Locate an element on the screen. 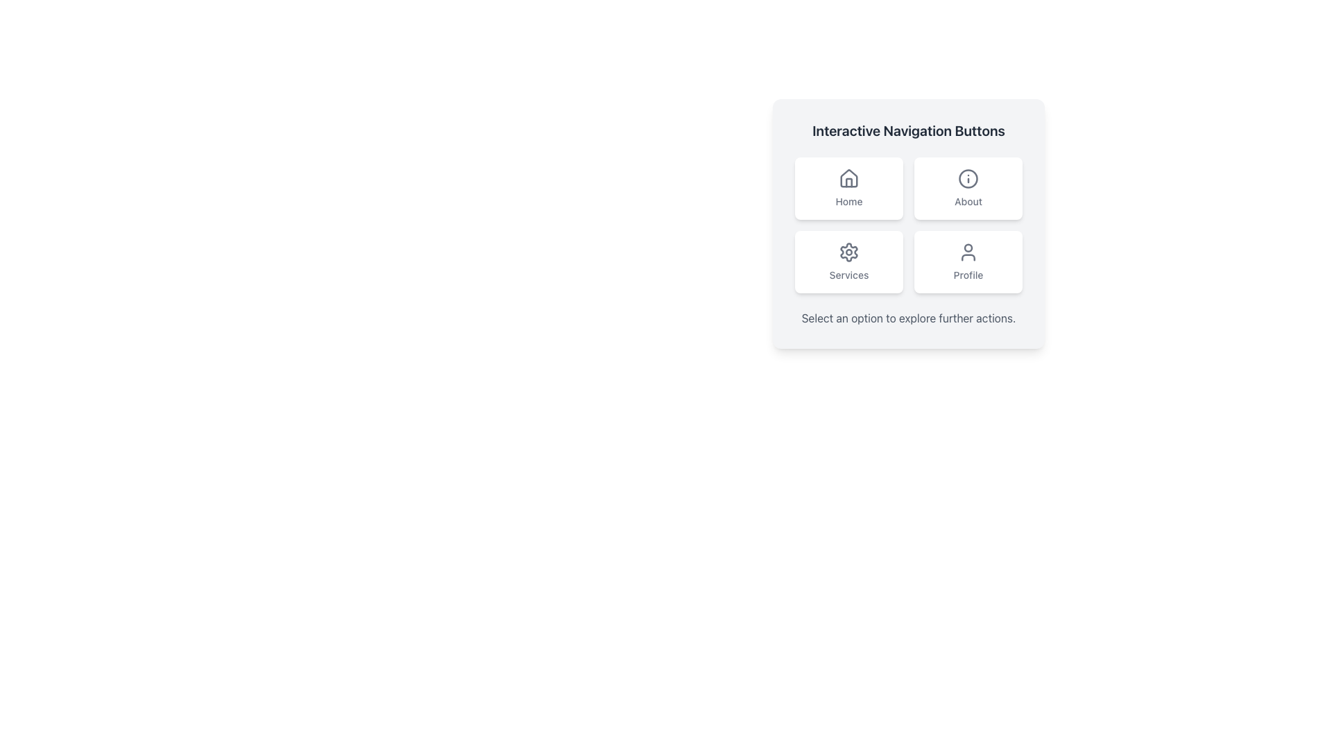 The image size is (1332, 749). the 'Profile' icon located in the bottom-right of the 'Interactive Navigation Buttons' grid is located at coordinates (968, 252).